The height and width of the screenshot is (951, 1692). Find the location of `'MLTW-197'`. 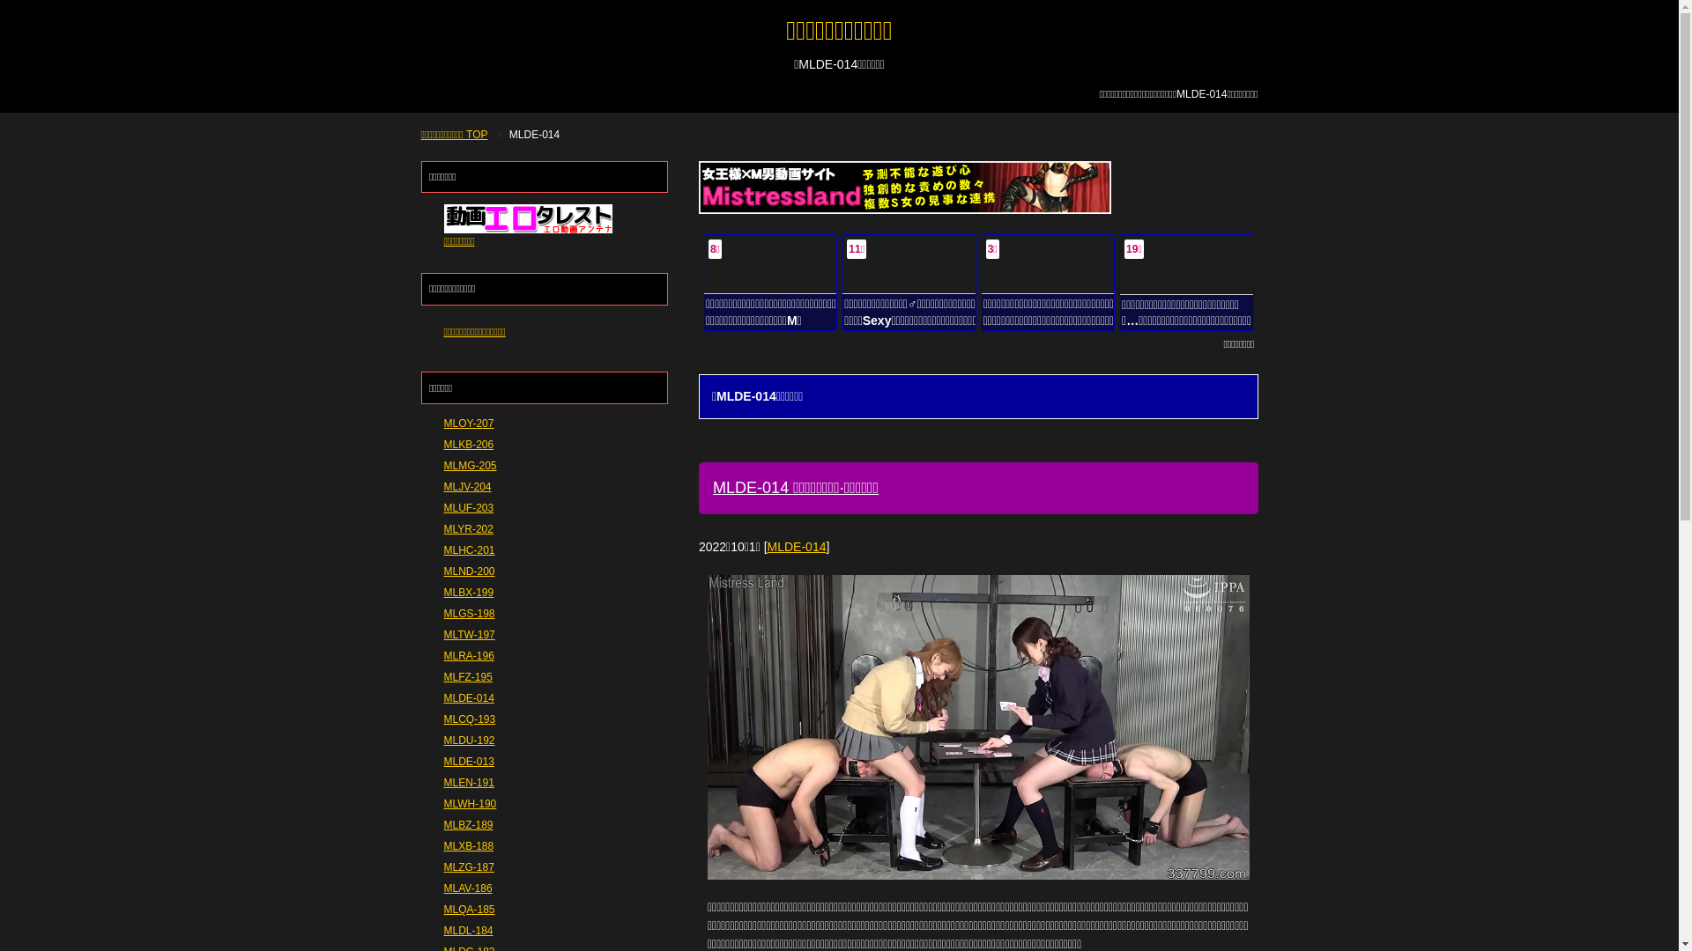

'MLTW-197' is located at coordinates (444, 635).